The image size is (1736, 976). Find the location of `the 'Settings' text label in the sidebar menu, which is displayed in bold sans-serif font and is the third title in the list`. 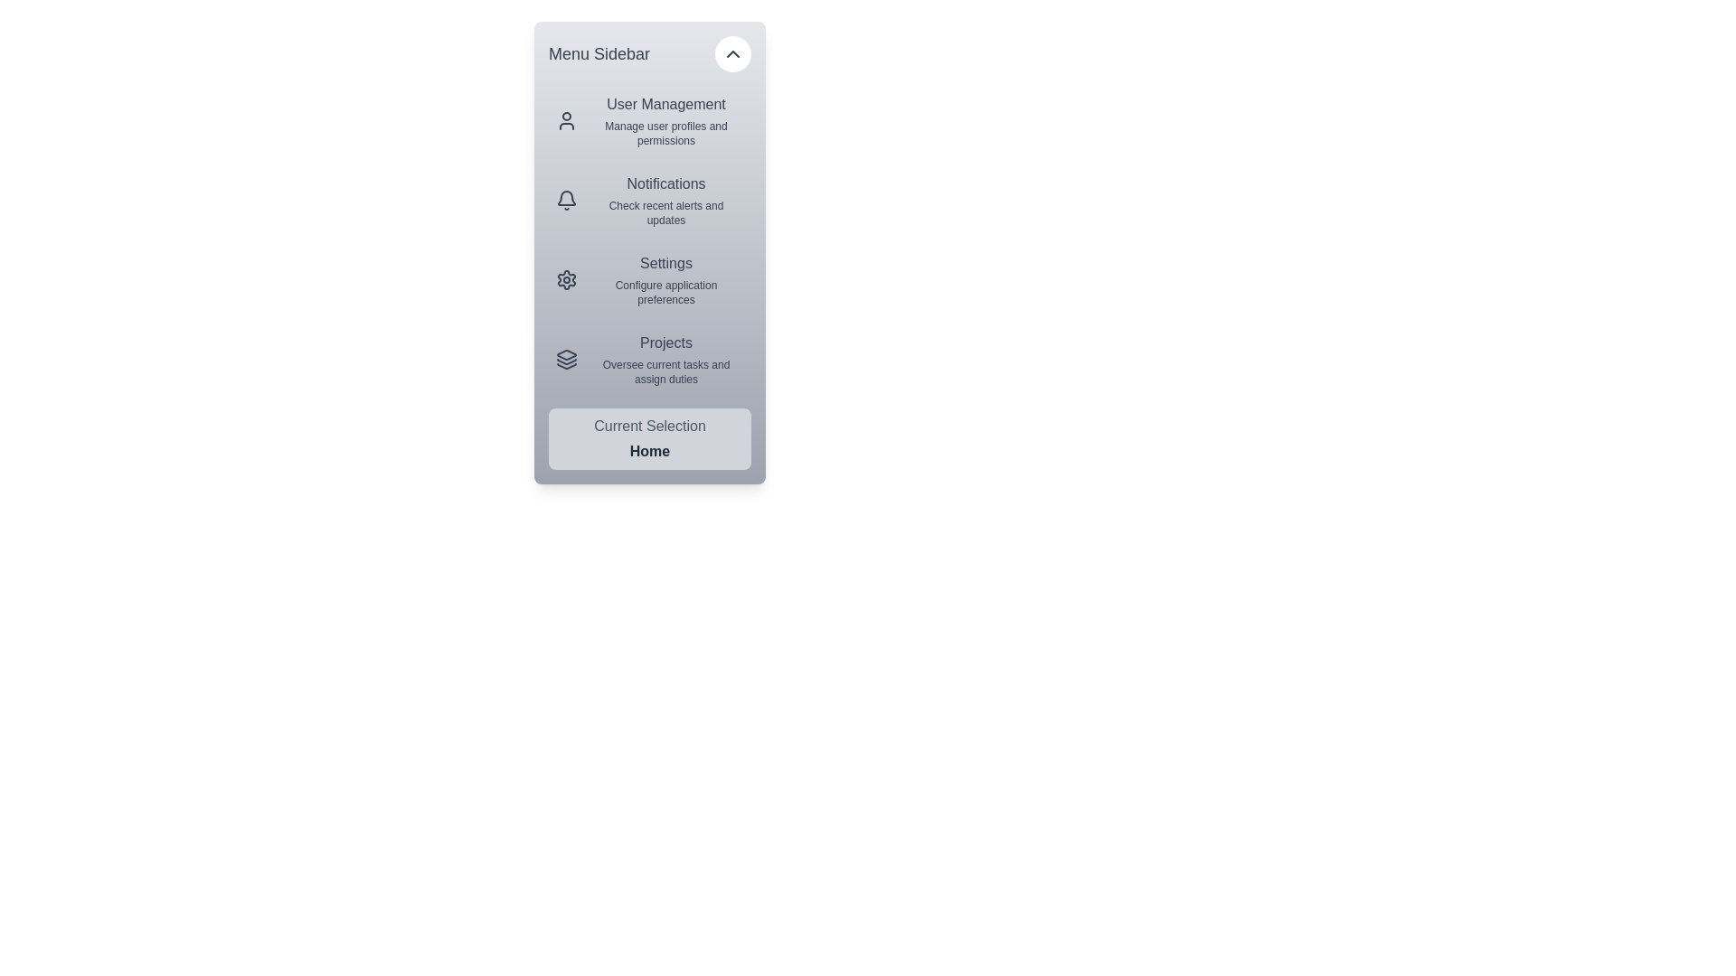

the 'Settings' text label in the sidebar menu, which is displayed in bold sans-serif font and is the third title in the list is located at coordinates (665, 264).